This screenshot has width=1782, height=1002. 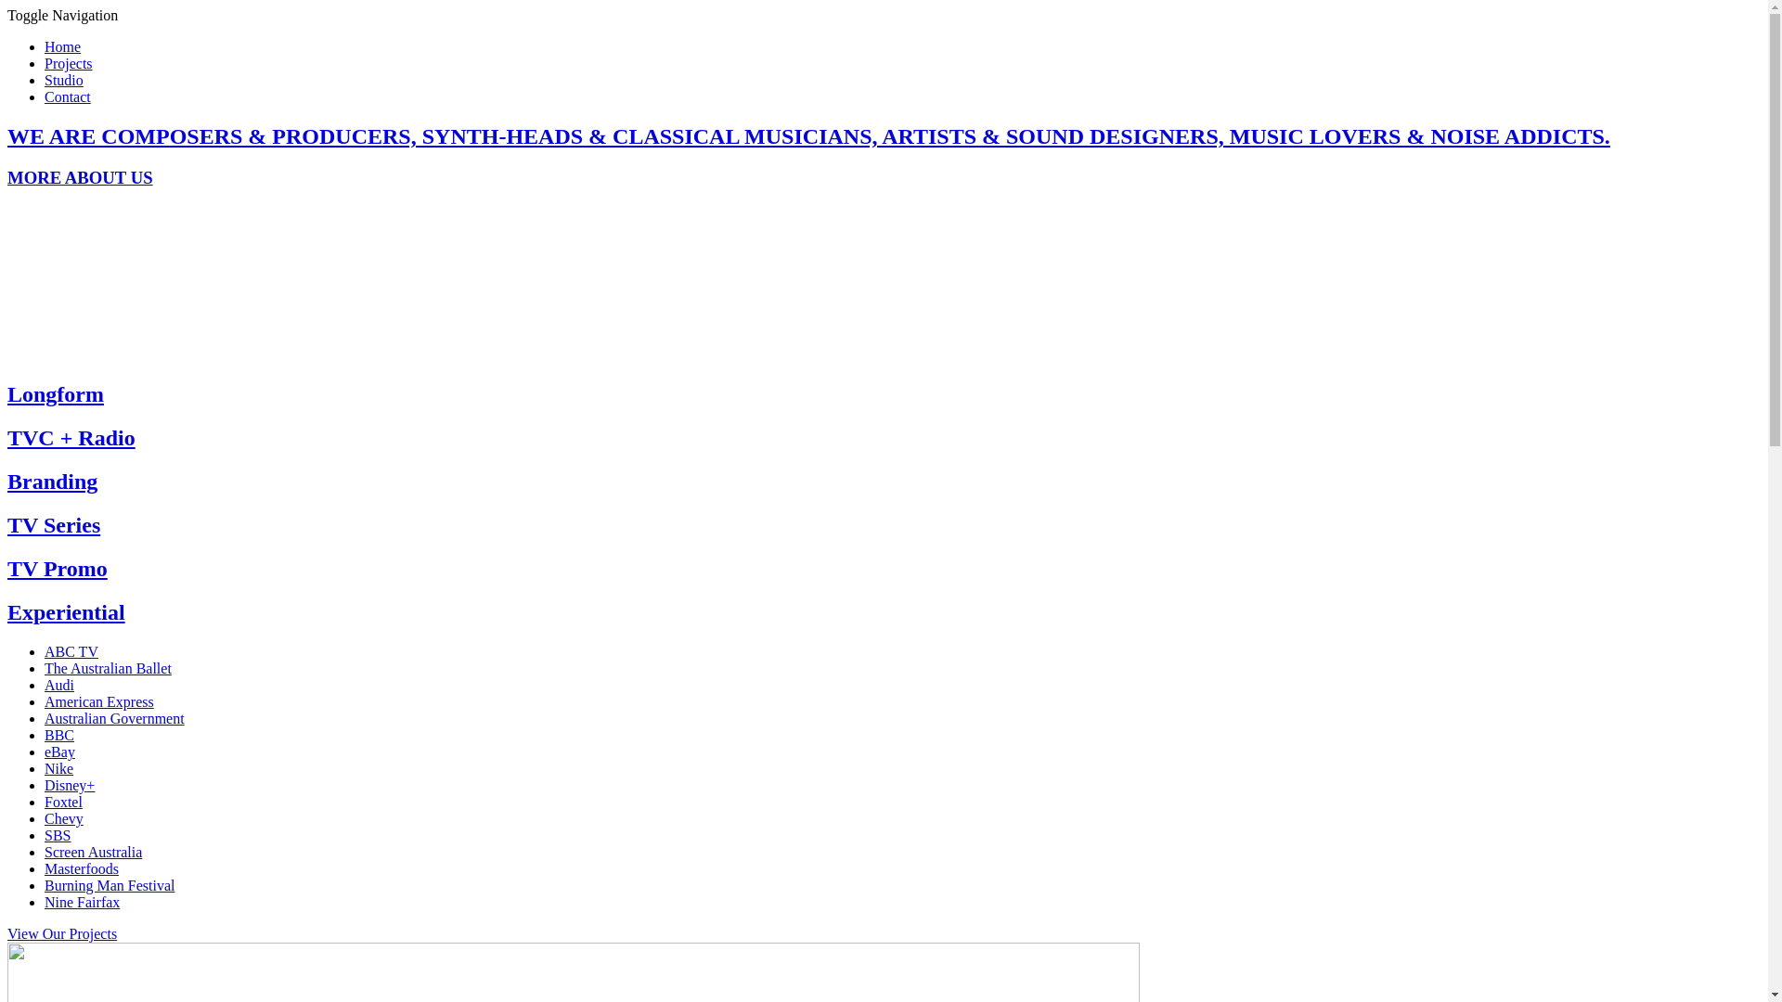 I want to click on 'ABC TV', so click(x=71, y=650).